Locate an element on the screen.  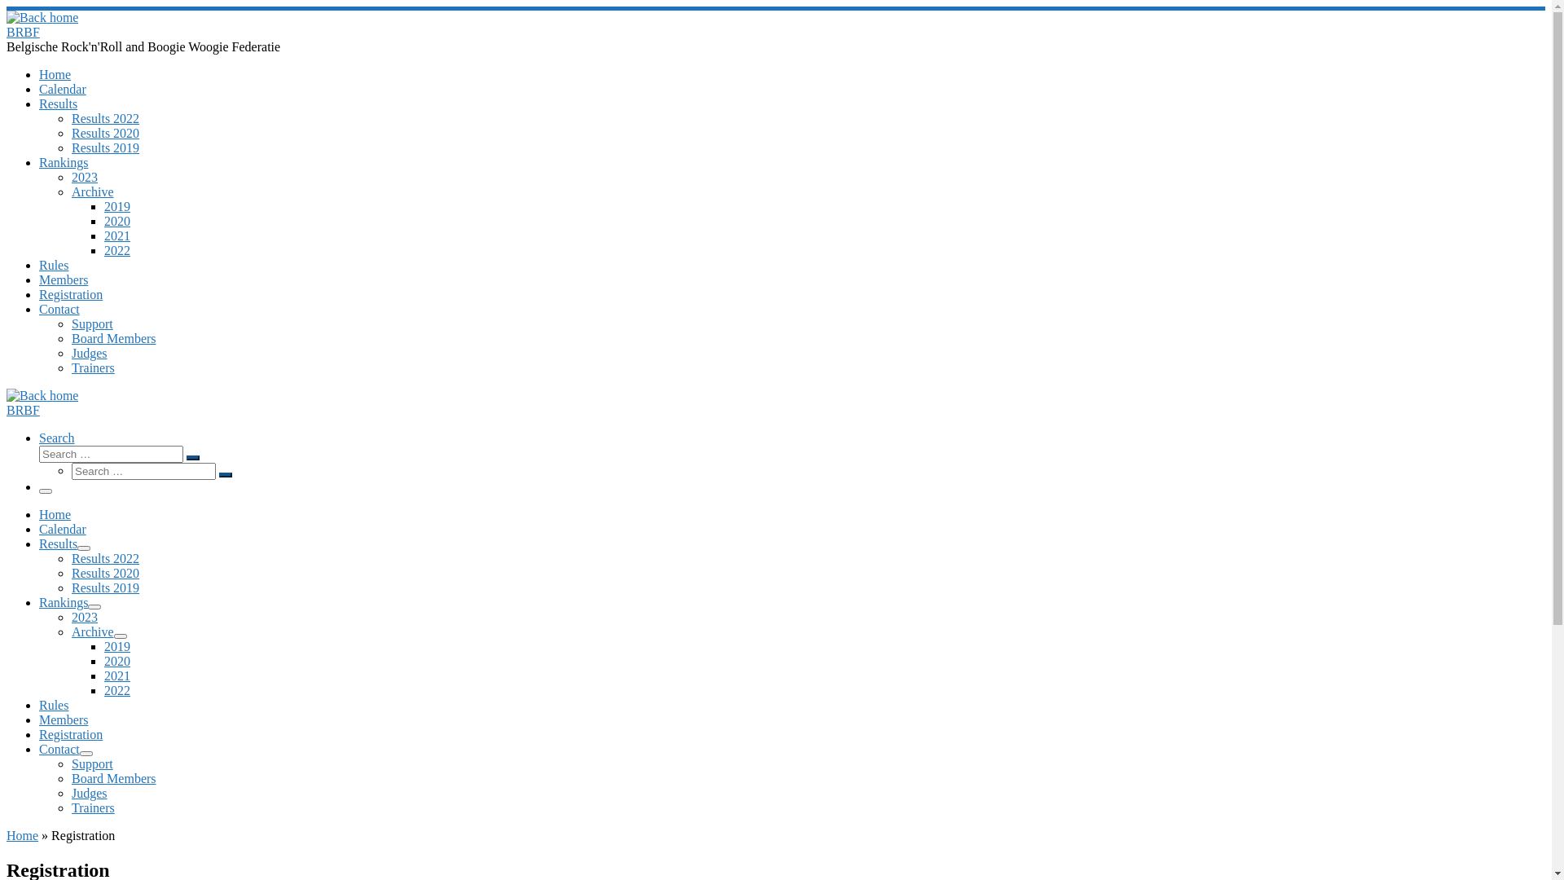
'2023' is located at coordinates (84, 617).